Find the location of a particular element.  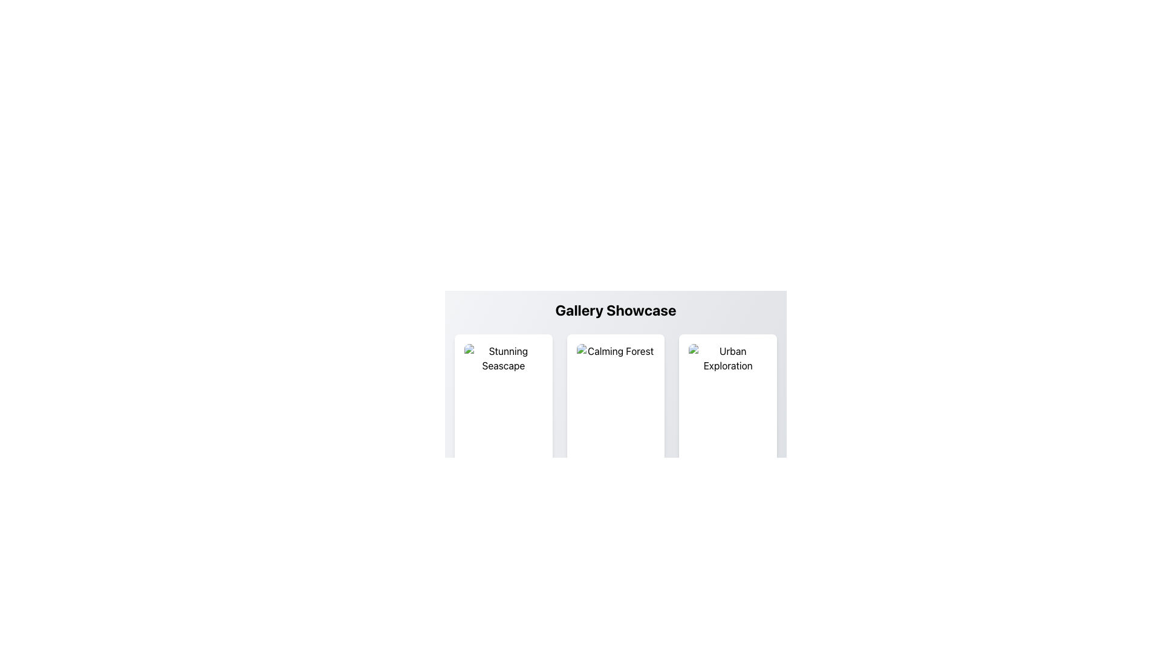

the image element showcasing a placeholder of dimensions 150x150 pixels, located under the main title 'Stunning Seascape' in the 'Gallery Showcase' is located at coordinates (503, 411).